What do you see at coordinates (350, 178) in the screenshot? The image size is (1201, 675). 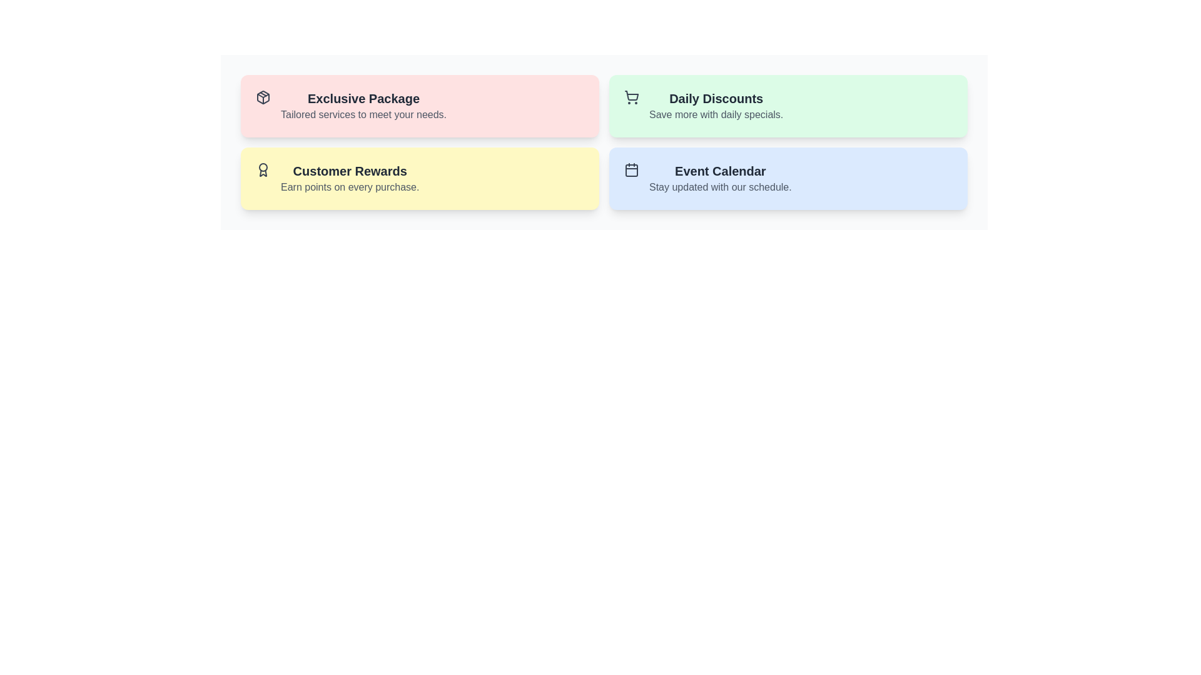 I see `the text block that informs users about the customer rewards program, which is positioned on a yellow-colored rounded rectangle card in the second row, first column of a grid layout` at bounding box center [350, 178].